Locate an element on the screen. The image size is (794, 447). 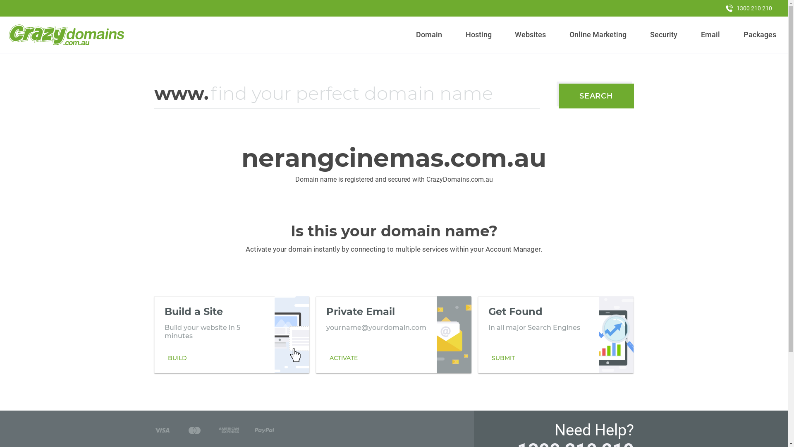
'Domain' is located at coordinates (429, 34).